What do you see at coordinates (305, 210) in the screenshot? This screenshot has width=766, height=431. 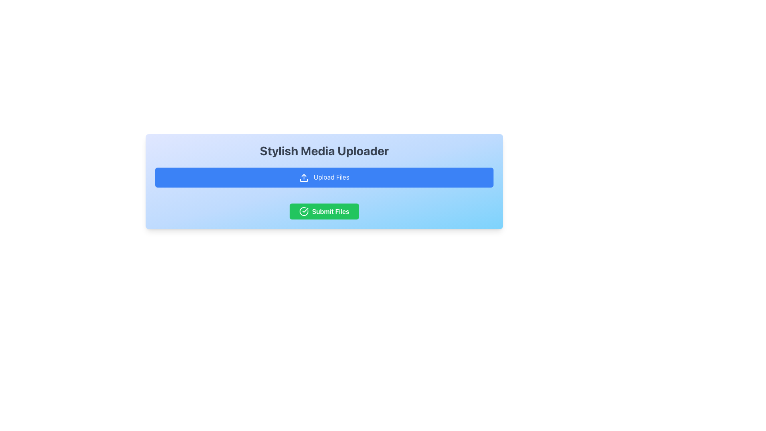 I see `the checkmark icon within the green 'Submit Files' button in the SVG graphic representation` at bounding box center [305, 210].